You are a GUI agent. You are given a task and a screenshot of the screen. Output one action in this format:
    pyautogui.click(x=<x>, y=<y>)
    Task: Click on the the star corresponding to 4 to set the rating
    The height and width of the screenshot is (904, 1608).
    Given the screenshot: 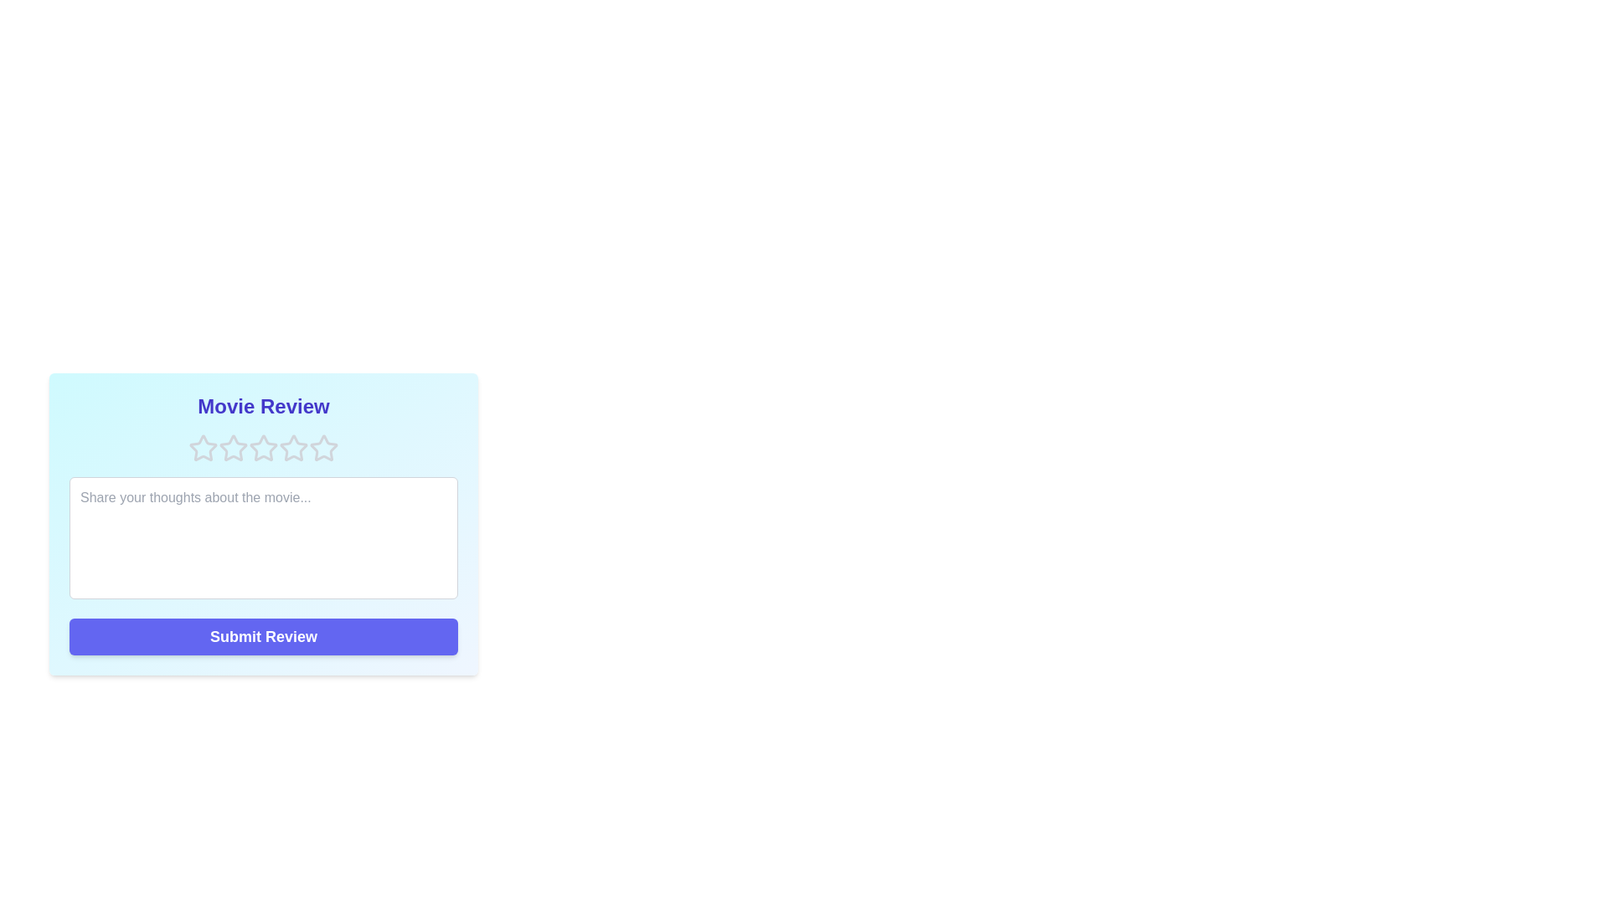 What is the action you would take?
    pyautogui.click(x=293, y=448)
    